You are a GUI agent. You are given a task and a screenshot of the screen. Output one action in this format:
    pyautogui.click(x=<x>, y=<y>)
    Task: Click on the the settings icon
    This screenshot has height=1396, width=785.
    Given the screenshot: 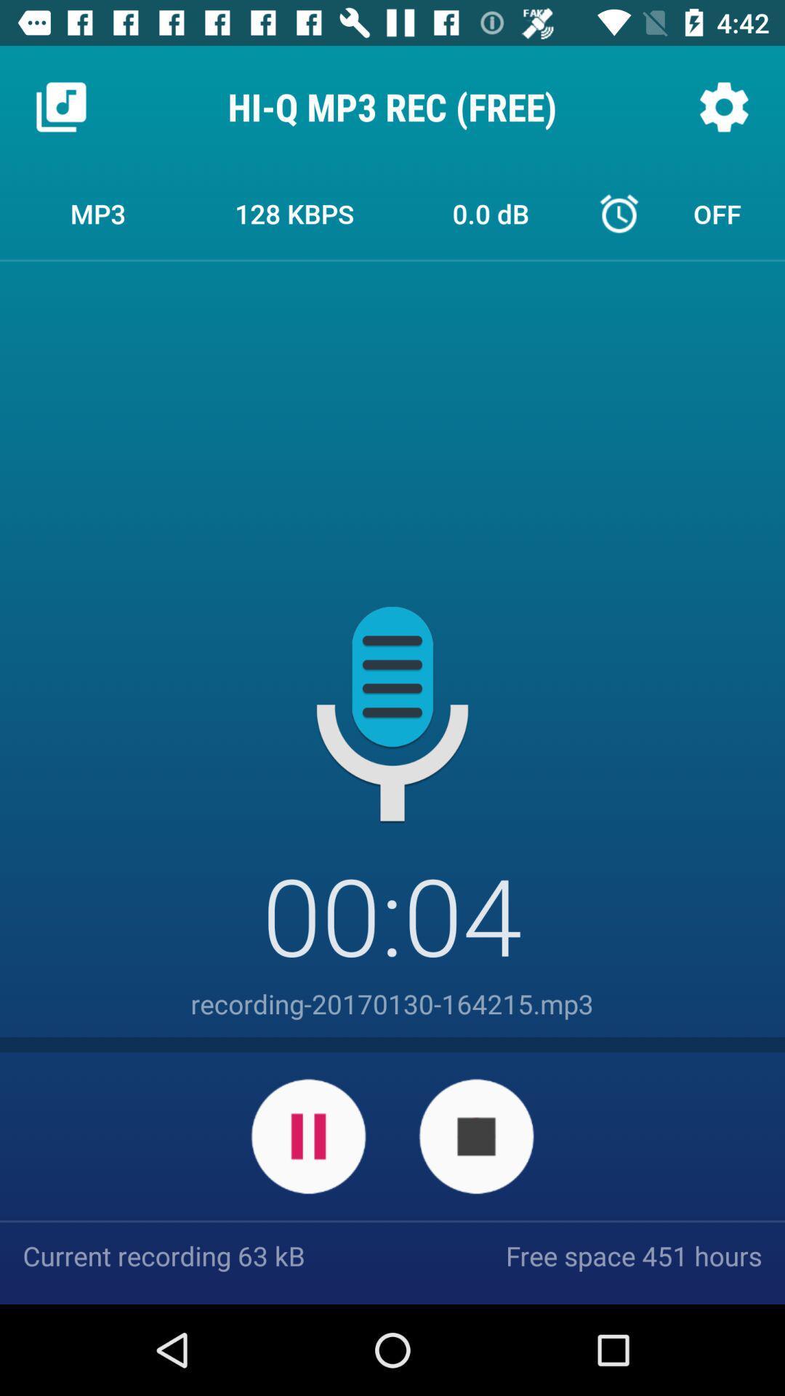 What is the action you would take?
    pyautogui.click(x=723, y=106)
    